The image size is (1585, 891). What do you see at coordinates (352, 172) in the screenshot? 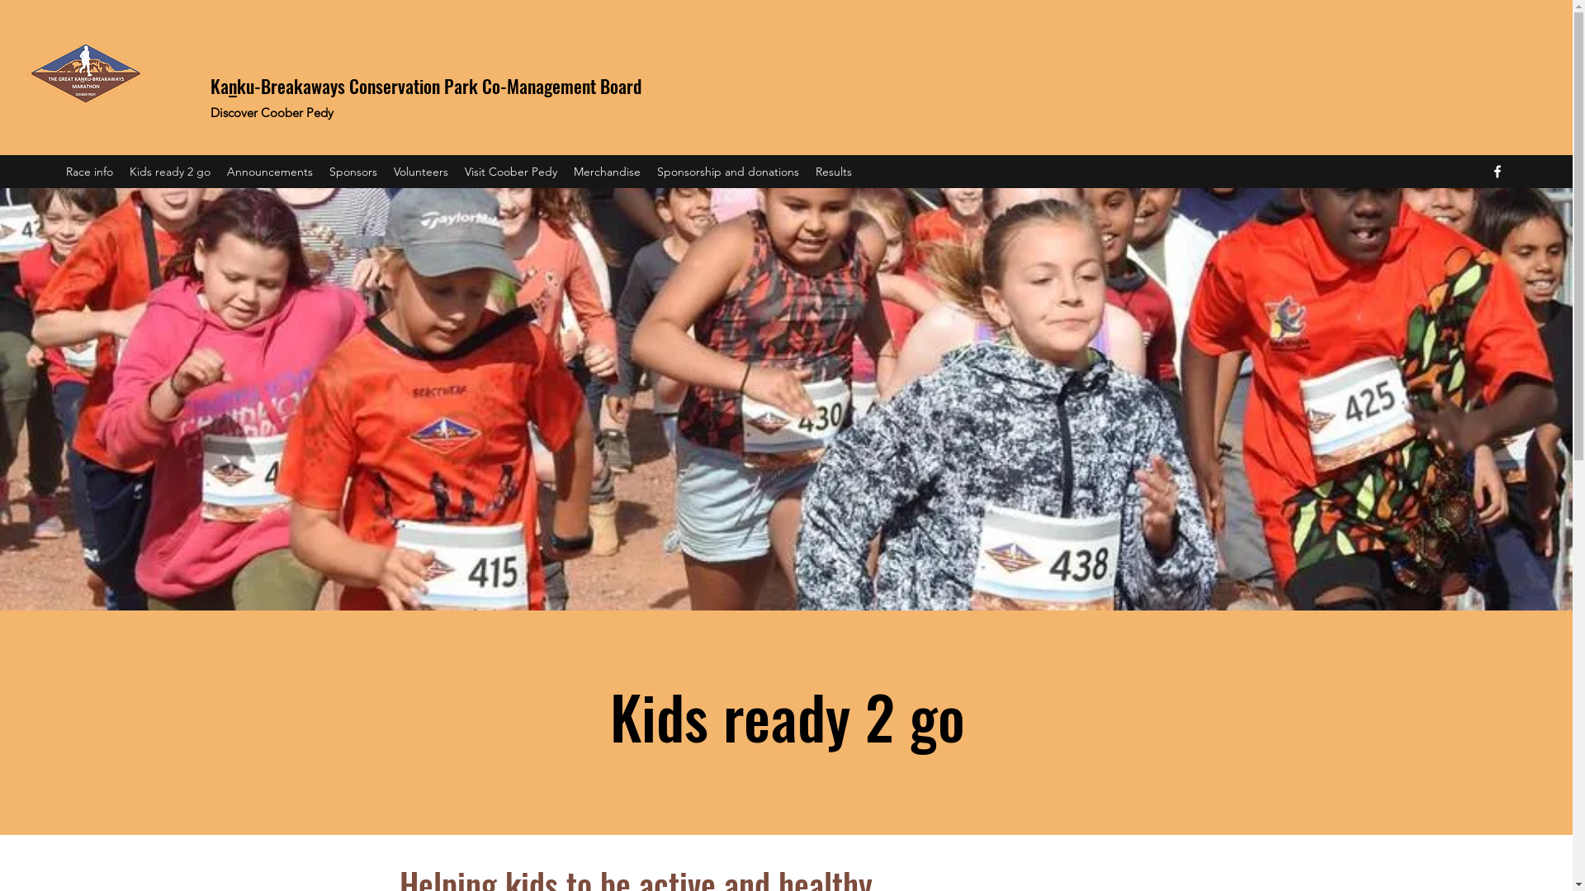
I see `'Sponsors'` at bounding box center [352, 172].